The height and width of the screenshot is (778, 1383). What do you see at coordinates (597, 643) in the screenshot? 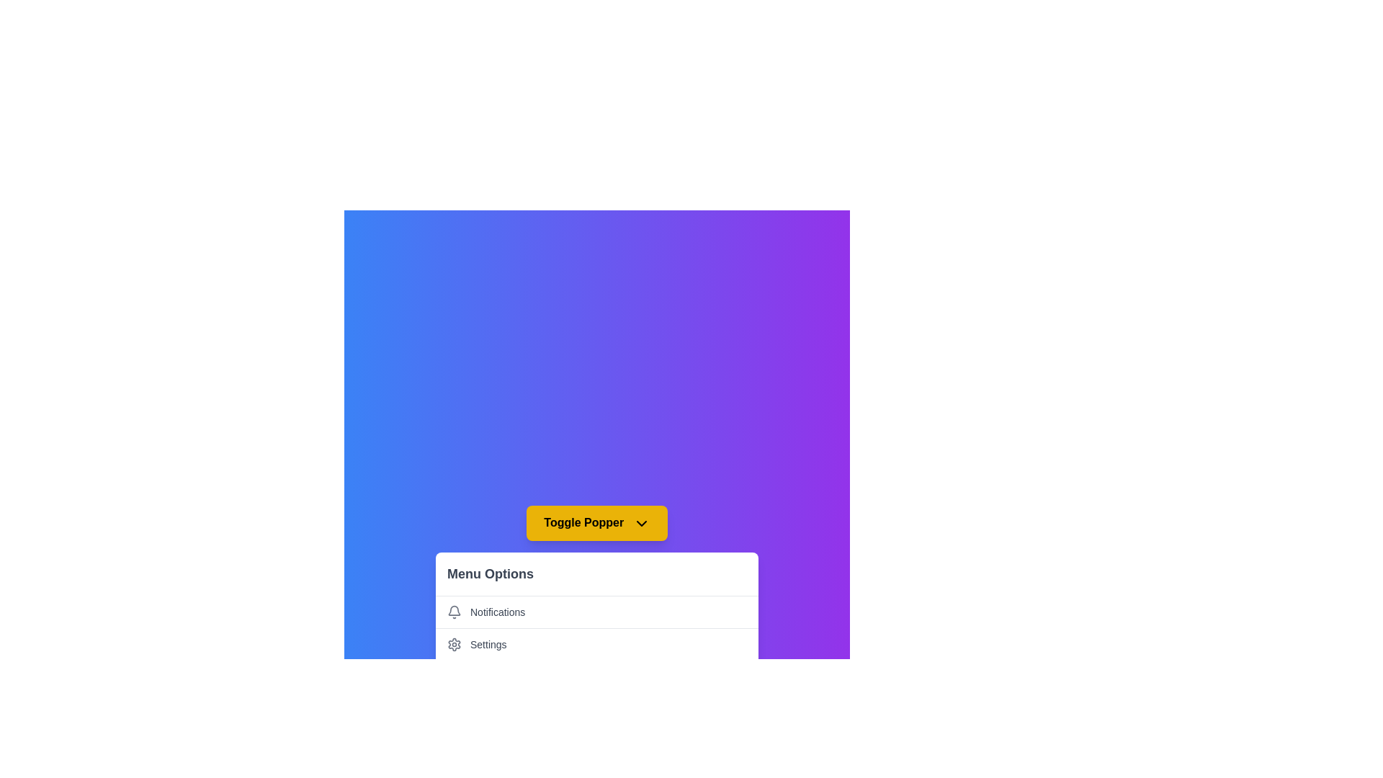
I see `the 'Settings' menu item, which is the second item from the top in a vertical stack of options, located under the 'Notifications' item in the menu box near the bottom center of the interface` at bounding box center [597, 643].